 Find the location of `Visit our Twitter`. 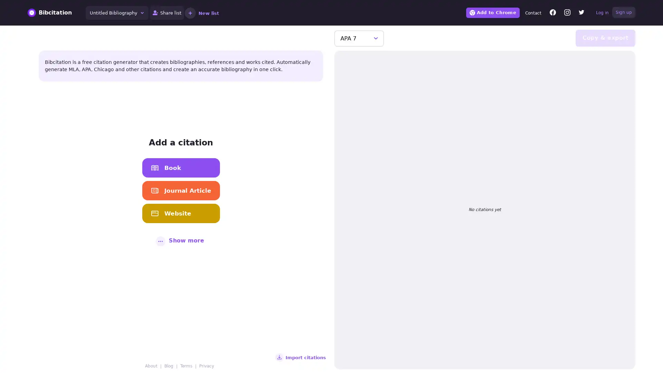

Visit our Twitter is located at coordinates (581, 13).